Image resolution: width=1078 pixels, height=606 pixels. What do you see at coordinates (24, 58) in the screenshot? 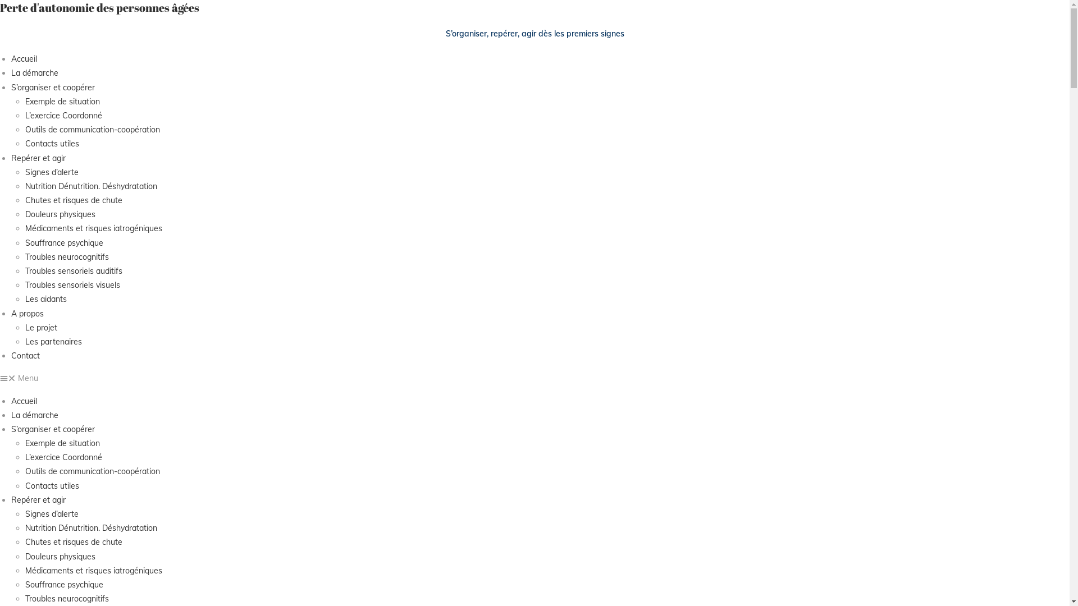
I see `'Accueil'` at bounding box center [24, 58].